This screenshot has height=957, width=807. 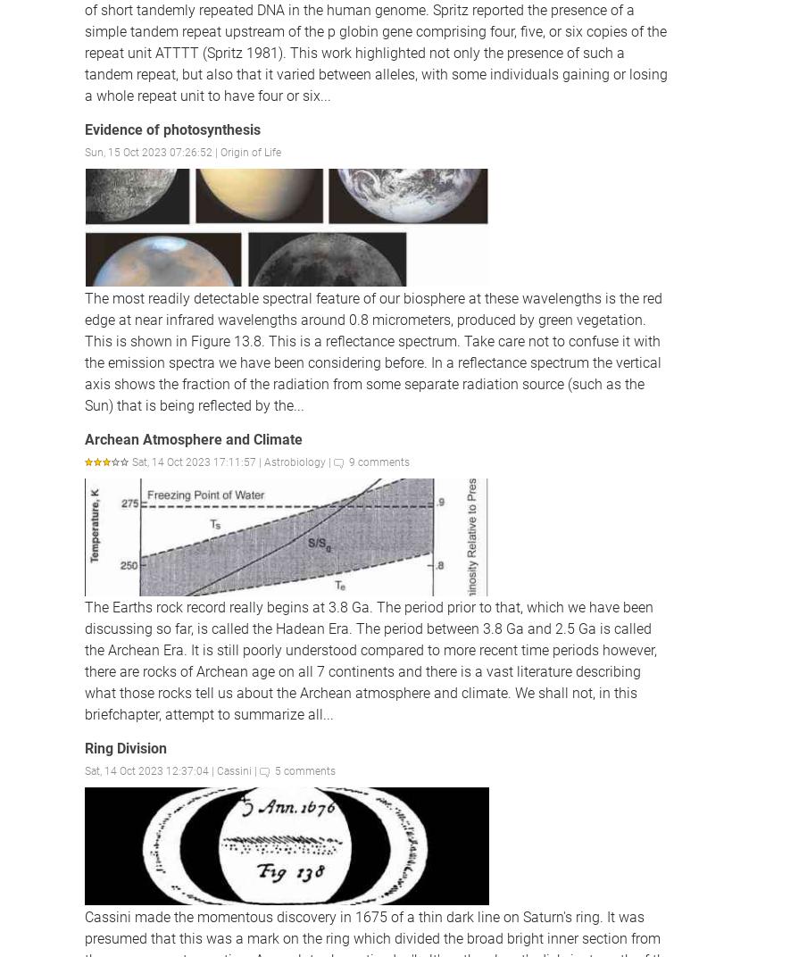 What do you see at coordinates (153, 151) in the screenshot?
I see `'Sun, 15 Oct 2023 07:26:52                                    |'` at bounding box center [153, 151].